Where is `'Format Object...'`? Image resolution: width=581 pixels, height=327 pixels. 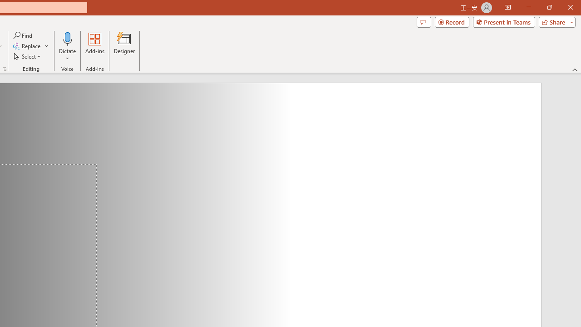
'Format Object...' is located at coordinates (5, 68).